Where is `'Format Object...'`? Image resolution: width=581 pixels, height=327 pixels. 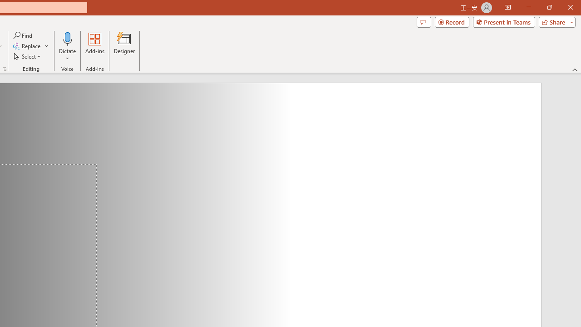
'Format Object...' is located at coordinates (5, 68).